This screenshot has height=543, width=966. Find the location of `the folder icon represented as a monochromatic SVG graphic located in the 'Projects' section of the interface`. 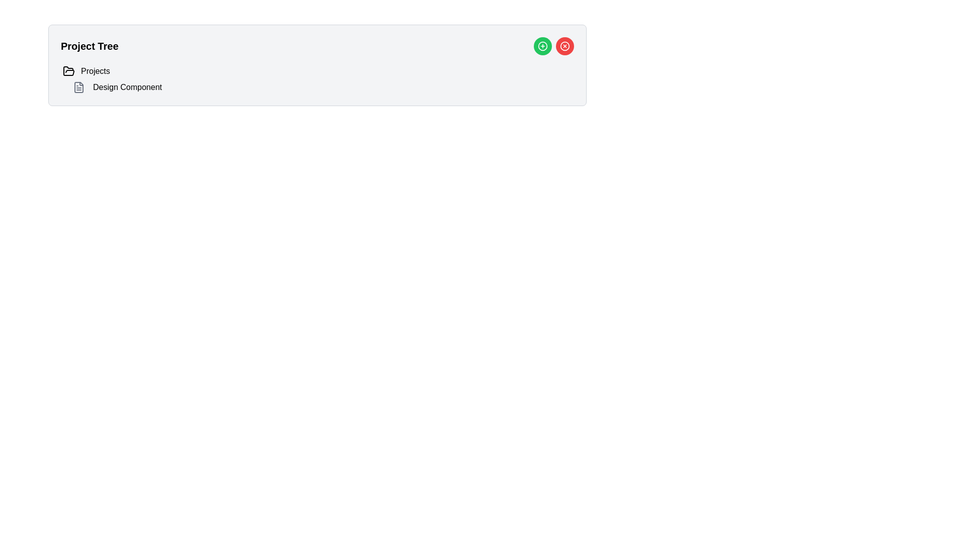

the folder icon represented as a monochromatic SVG graphic located in the 'Projects' section of the interface is located at coordinates (68, 70).